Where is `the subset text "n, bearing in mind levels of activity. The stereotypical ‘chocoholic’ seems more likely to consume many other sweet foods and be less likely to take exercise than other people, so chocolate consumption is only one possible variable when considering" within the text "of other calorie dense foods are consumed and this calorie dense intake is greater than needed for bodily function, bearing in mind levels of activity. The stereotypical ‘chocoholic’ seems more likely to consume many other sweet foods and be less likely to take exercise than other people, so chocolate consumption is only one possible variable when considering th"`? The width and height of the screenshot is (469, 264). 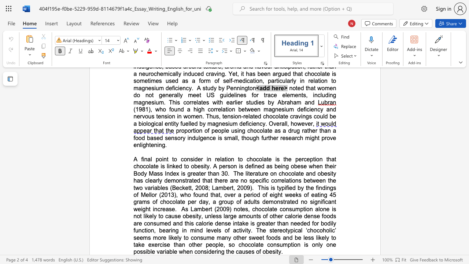 the subset text "n, bearing in mind levels of activity. The stereotypical ‘chocoholic’ seems more likely to consume many other sweet foods and be less likely to take exercise than other people, so chocolate consumption is only one possible variable when considering" within the text "of other calorie dense foods are consumed and this calorie dense intake is greater than needed for bodily function, bearing in mind levels of activity. The stereotypical ‘chocoholic’ seems more likely to consume many other sweet foods and be less likely to take exercise than other people, so chocolate consumption is only one possible variable when considering th" is located at coordinates (150, 230).